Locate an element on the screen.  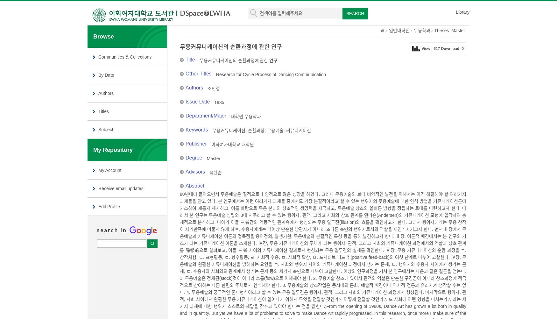
'By Date' is located at coordinates (106, 75).